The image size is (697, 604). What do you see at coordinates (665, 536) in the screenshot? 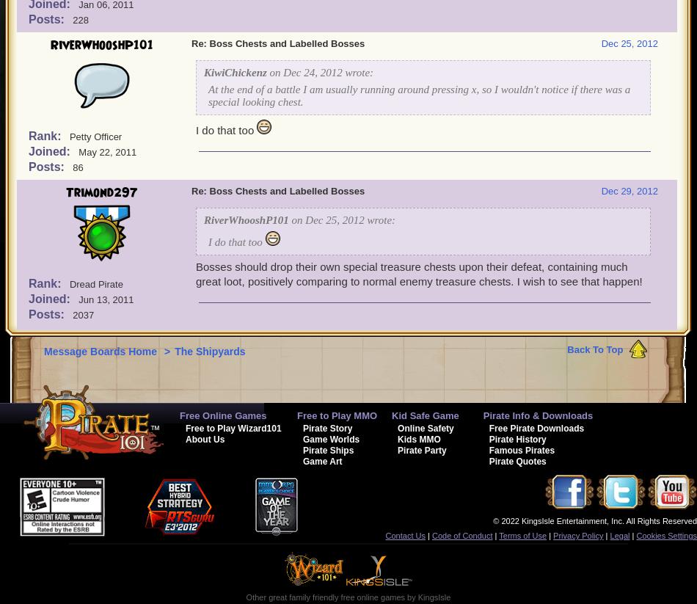
I see `'Cookies Settings'` at bounding box center [665, 536].